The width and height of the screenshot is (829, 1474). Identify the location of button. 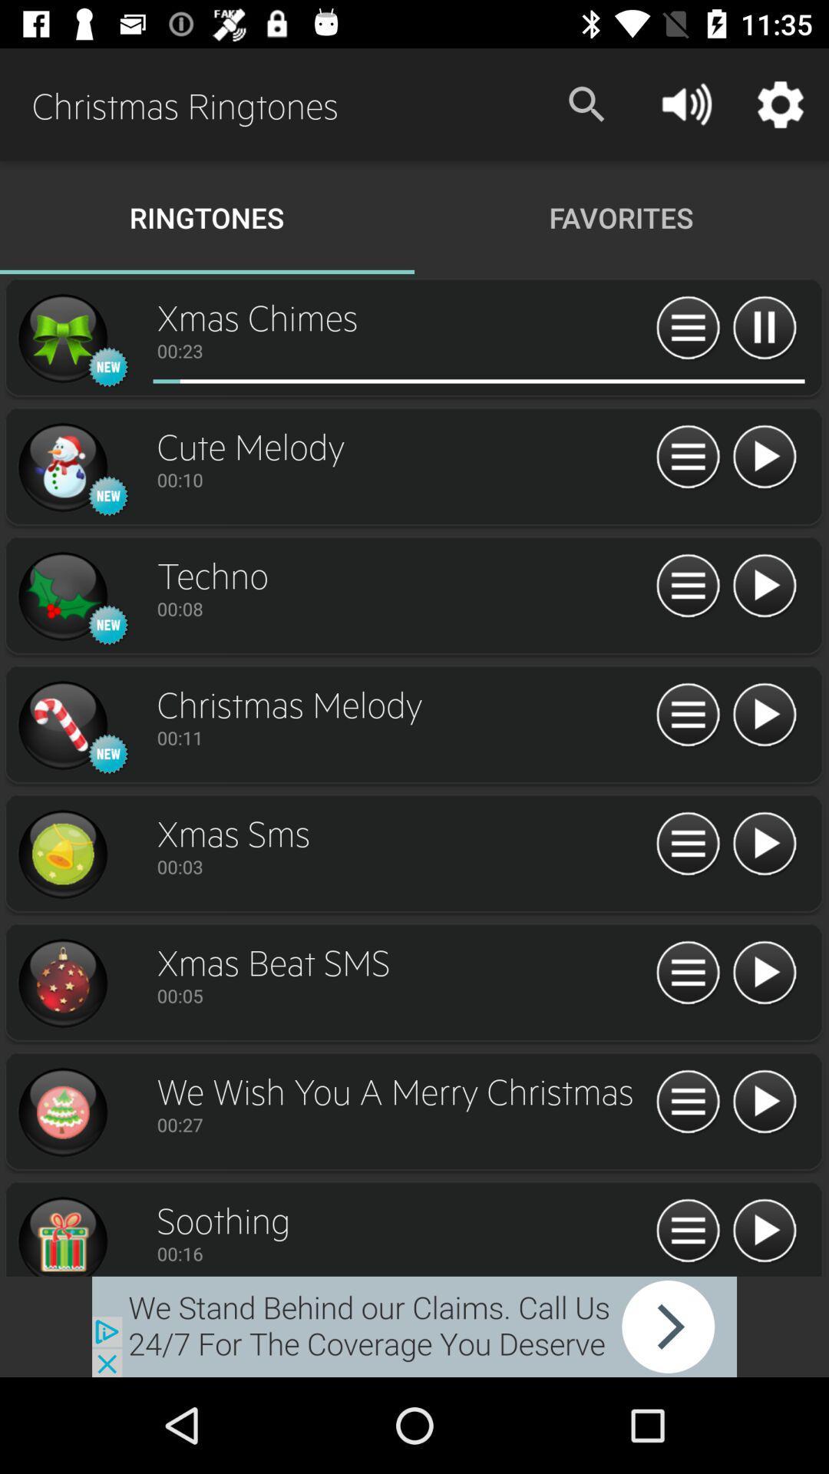
(764, 457).